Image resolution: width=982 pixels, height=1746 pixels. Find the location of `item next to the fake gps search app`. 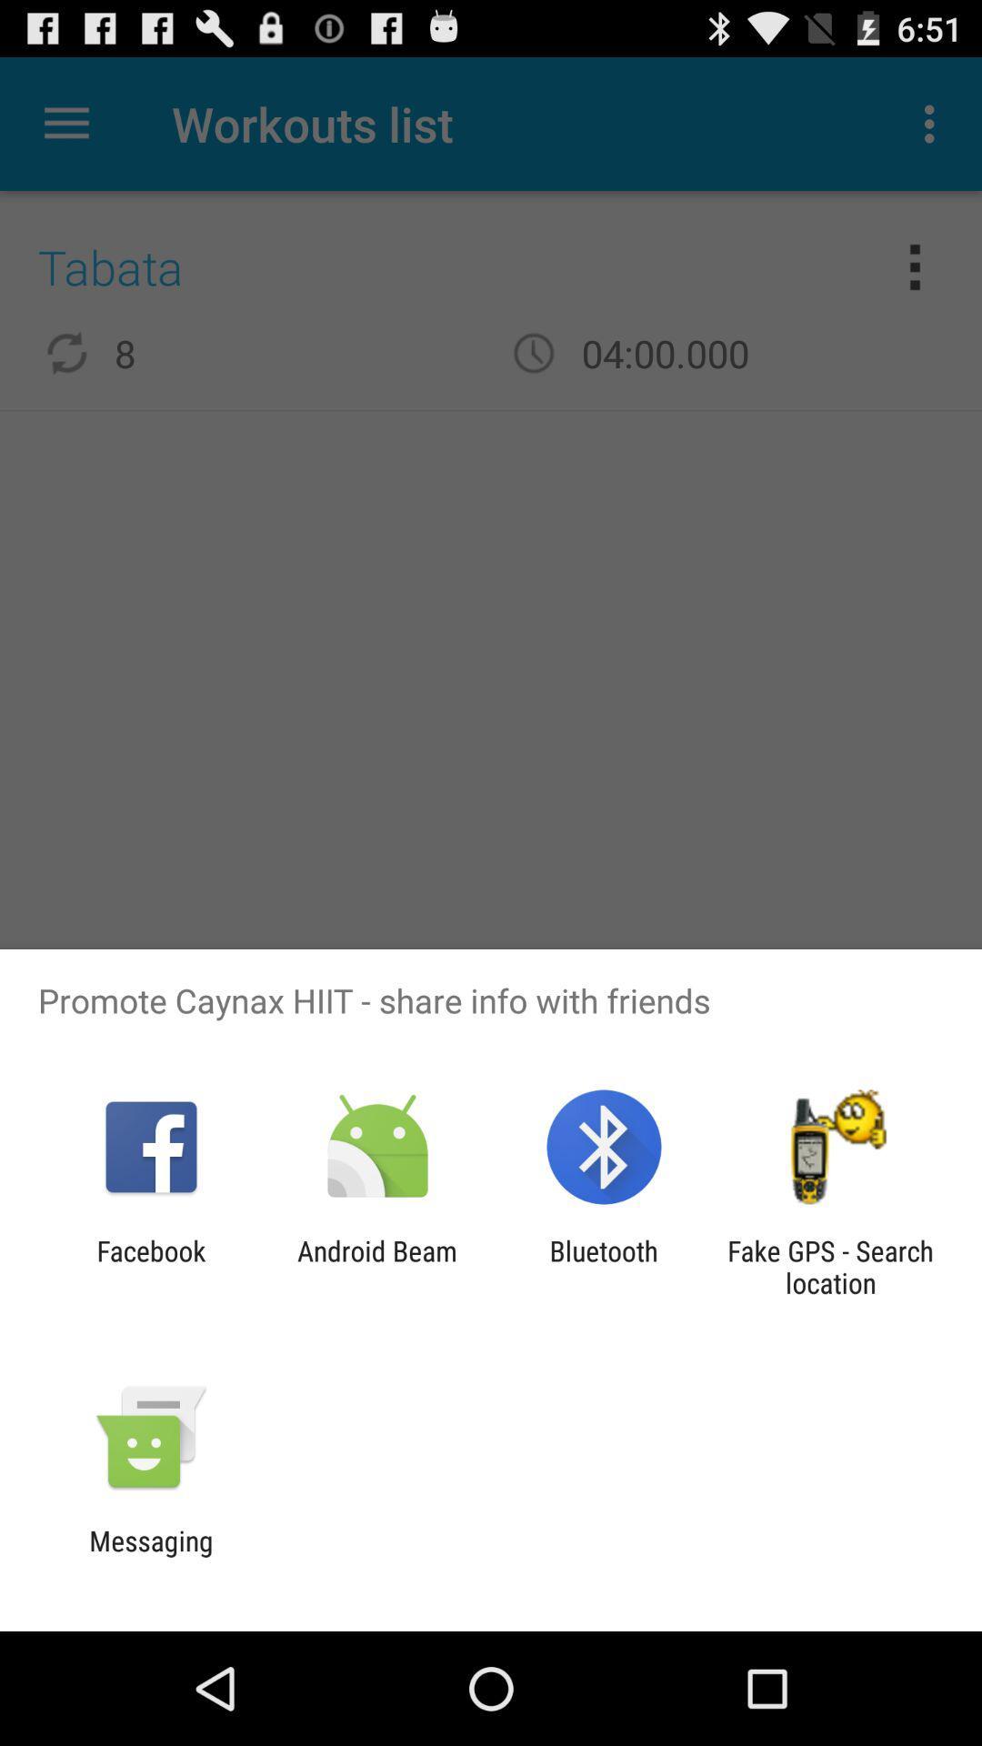

item next to the fake gps search app is located at coordinates (604, 1266).